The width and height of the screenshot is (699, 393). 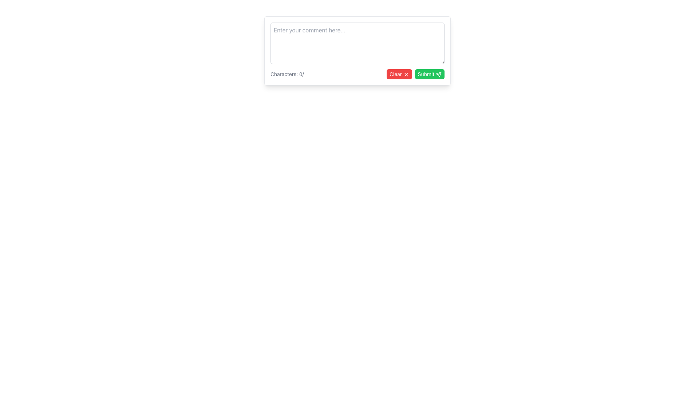 I want to click on the non-interactive text label displaying 'Characters: 0/' located to the far left within the same row as the 'Clear' and 'Submit' buttons, so click(x=287, y=74).